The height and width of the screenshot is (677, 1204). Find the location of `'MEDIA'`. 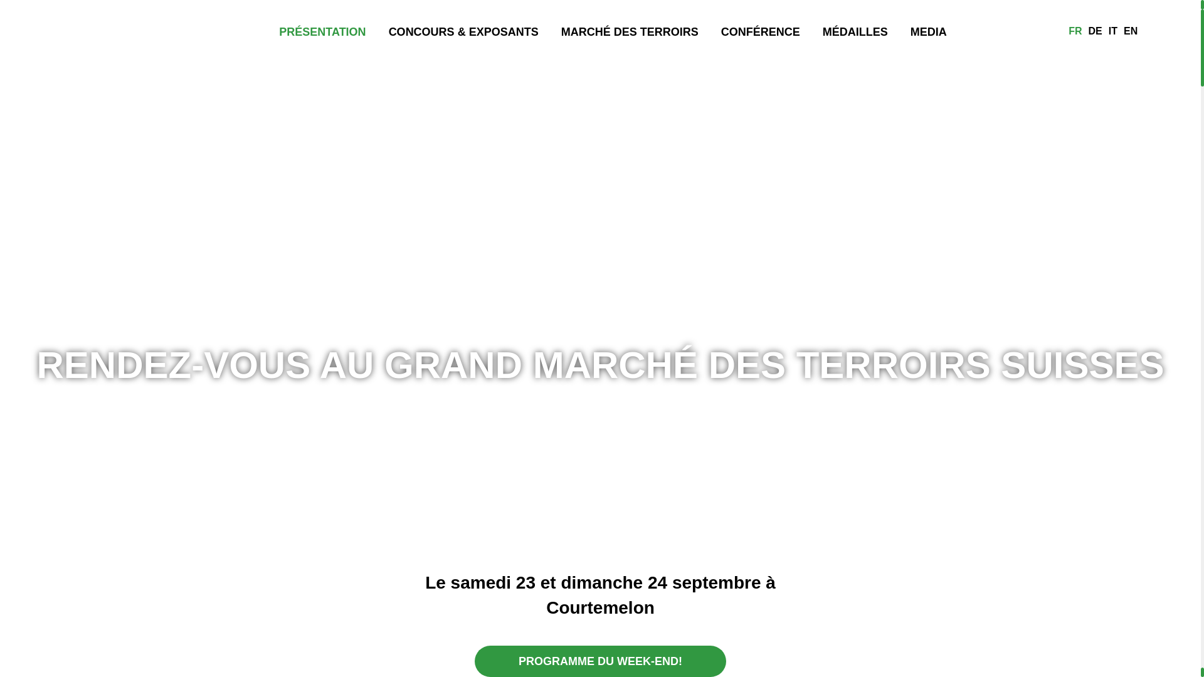

'MEDIA' is located at coordinates (929, 30).